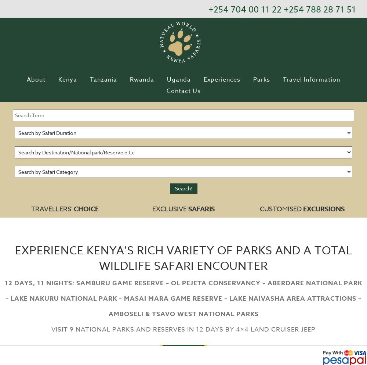  Describe the element at coordinates (166, 90) in the screenshot. I see `'Contact Us'` at that location.